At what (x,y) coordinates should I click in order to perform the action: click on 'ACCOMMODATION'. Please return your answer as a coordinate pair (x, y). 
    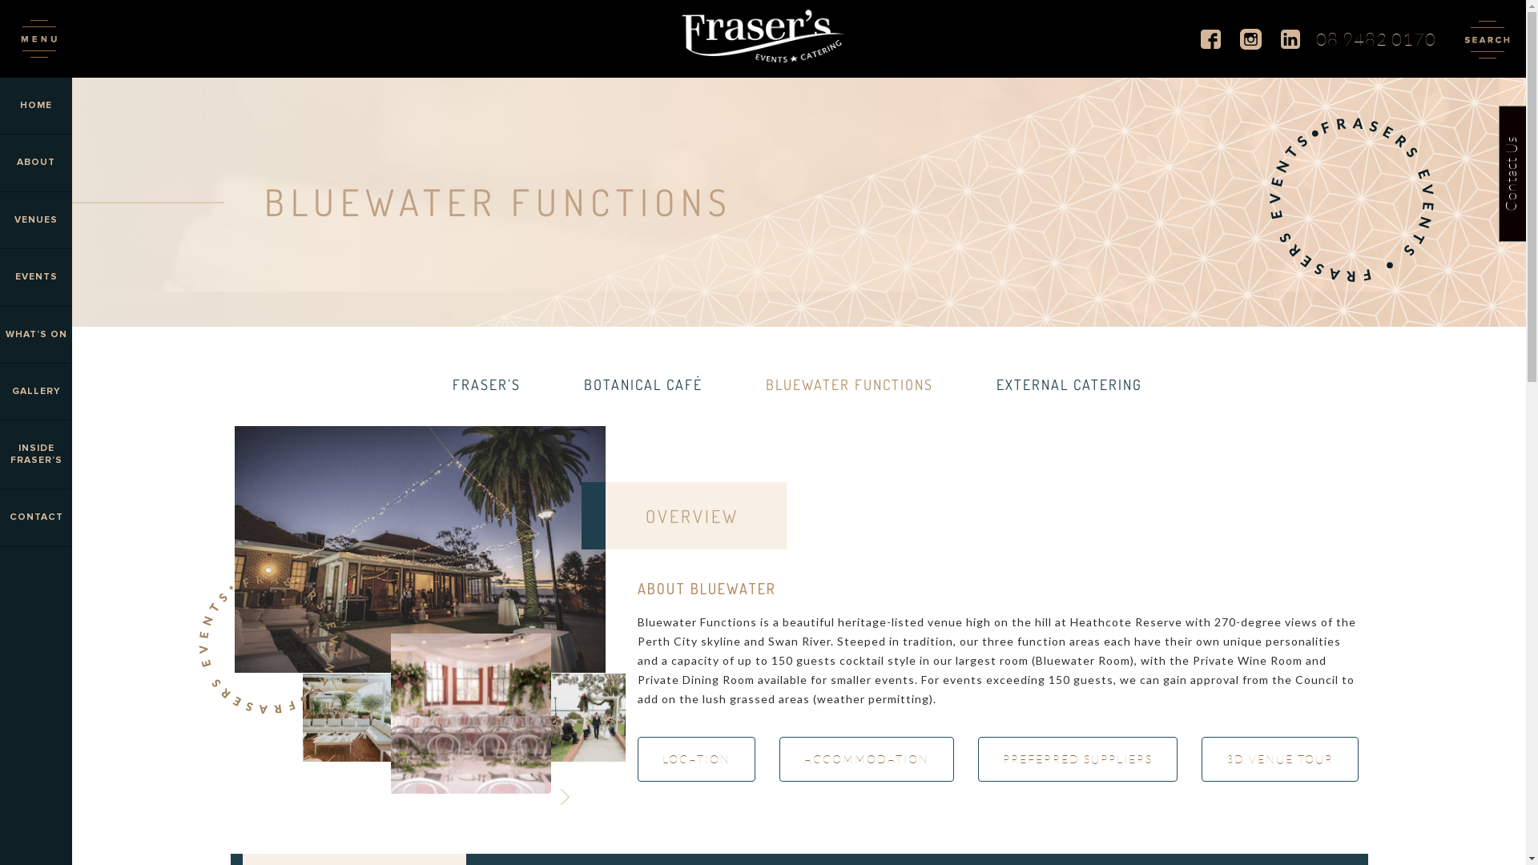
    Looking at the image, I should click on (865, 758).